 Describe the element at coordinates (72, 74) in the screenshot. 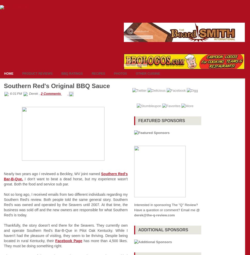

I see `'BBQ Ratings'` at that location.